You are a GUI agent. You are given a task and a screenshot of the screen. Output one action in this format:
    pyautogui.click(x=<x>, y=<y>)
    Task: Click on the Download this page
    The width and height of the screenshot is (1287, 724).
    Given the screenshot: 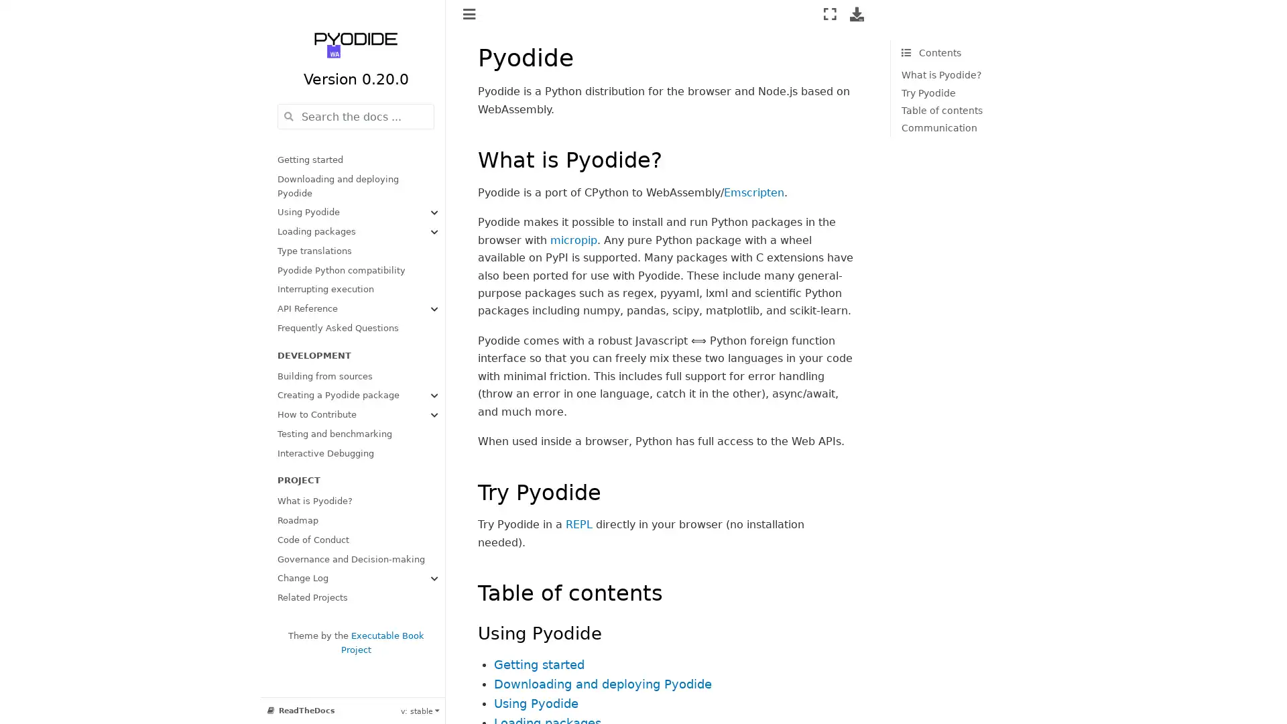 What is the action you would take?
    pyautogui.click(x=856, y=13)
    